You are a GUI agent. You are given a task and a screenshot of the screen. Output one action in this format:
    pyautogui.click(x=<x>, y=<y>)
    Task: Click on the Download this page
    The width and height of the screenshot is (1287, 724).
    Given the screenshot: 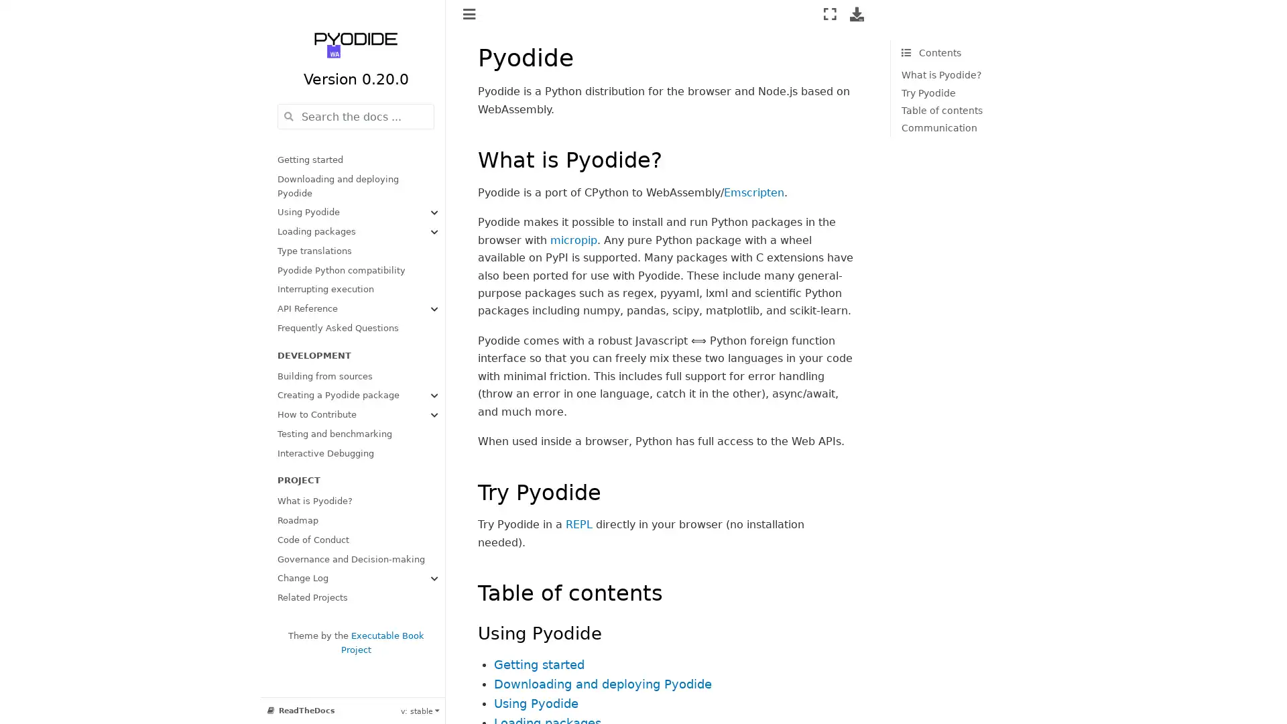 What is the action you would take?
    pyautogui.click(x=856, y=13)
    